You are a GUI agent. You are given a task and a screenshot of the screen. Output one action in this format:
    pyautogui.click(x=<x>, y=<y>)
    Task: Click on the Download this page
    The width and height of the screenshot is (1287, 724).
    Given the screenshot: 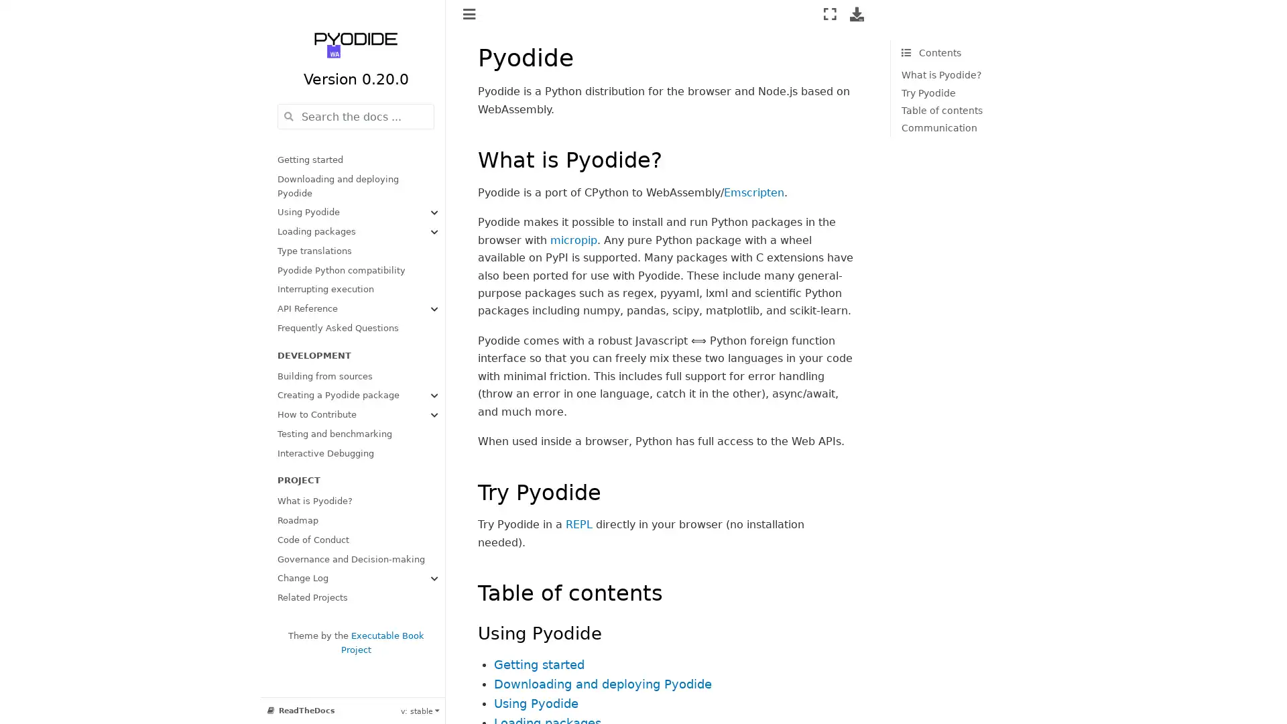 What is the action you would take?
    pyautogui.click(x=856, y=13)
    